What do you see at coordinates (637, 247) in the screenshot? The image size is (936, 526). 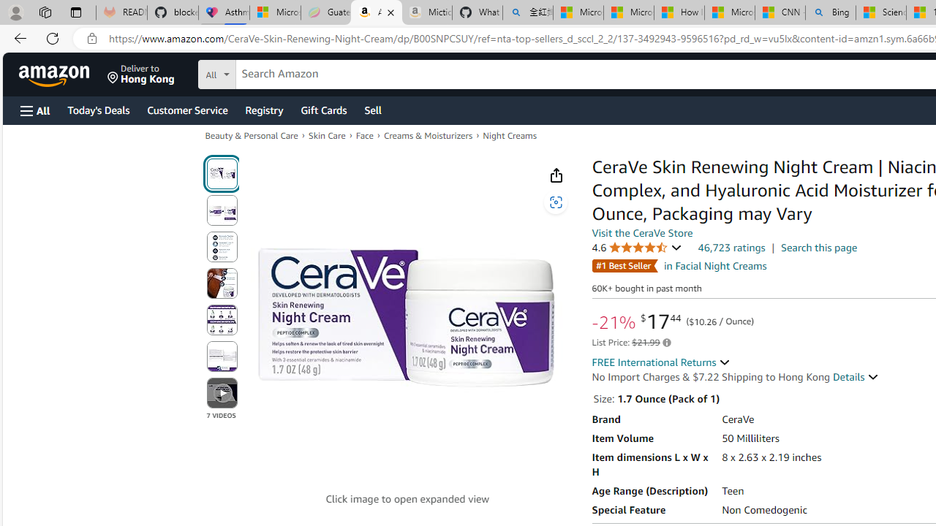 I see `'4.6 4.6 out of 5 stars'` at bounding box center [637, 247].